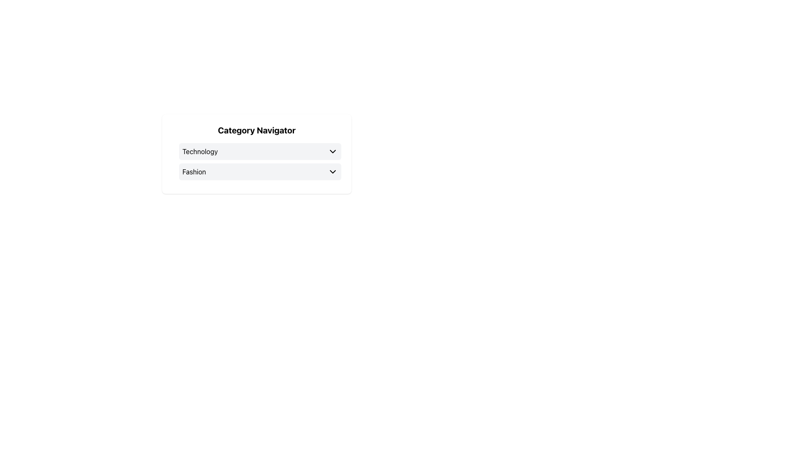 The width and height of the screenshot is (811, 456). What do you see at coordinates (332, 151) in the screenshot?
I see `the chevron icon located on the right side of the 'Technology' text label` at bounding box center [332, 151].